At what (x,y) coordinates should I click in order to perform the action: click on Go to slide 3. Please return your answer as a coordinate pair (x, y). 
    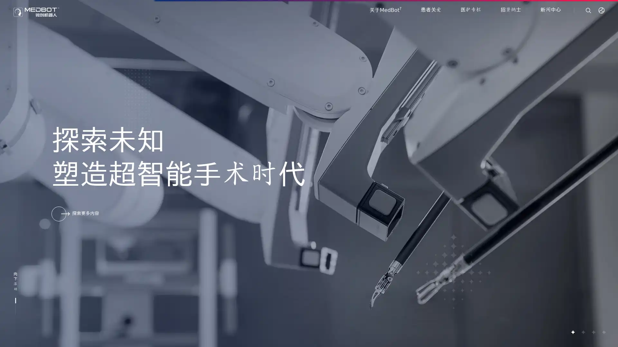
    Looking at the image, I should click on (593, 332).